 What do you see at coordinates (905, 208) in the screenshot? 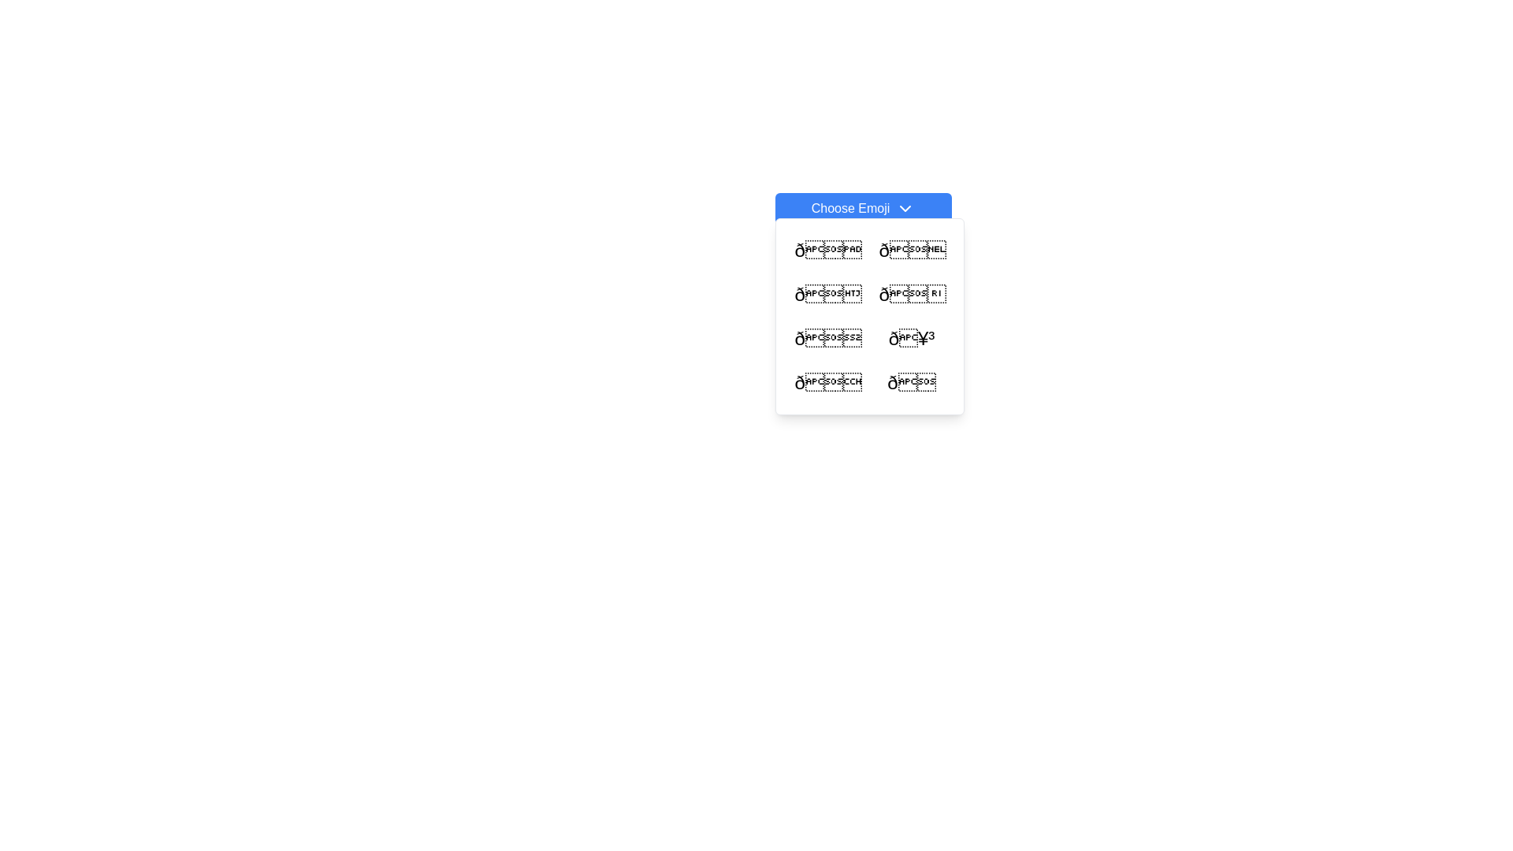
I see `the chevron icon located inside the blue button labeled 'Choose Emoji'` at bounding box center [905, 208].